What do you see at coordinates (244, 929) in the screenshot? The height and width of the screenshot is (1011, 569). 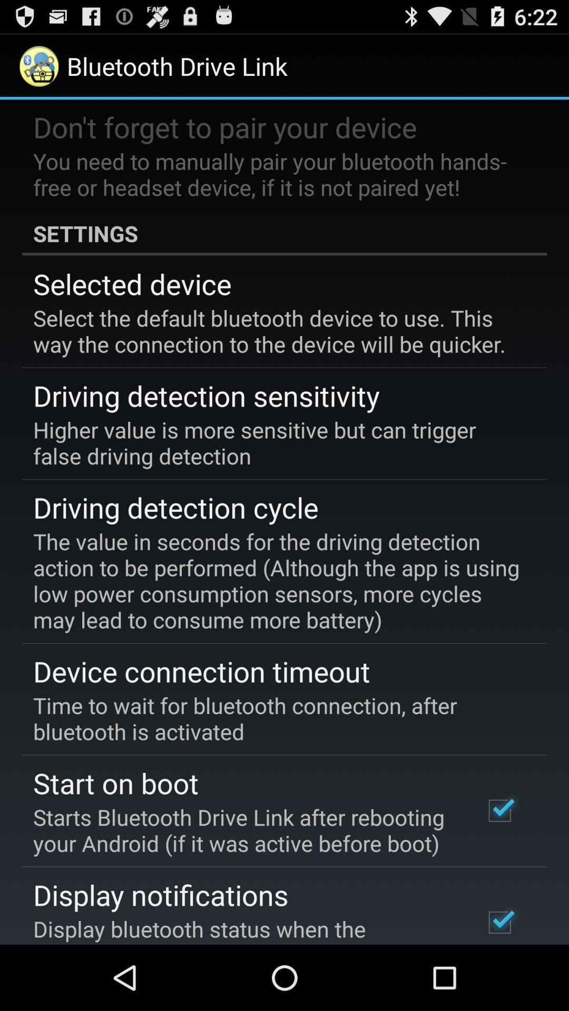 I see `the item below display notifications icon` at bounding box center [244, 929].